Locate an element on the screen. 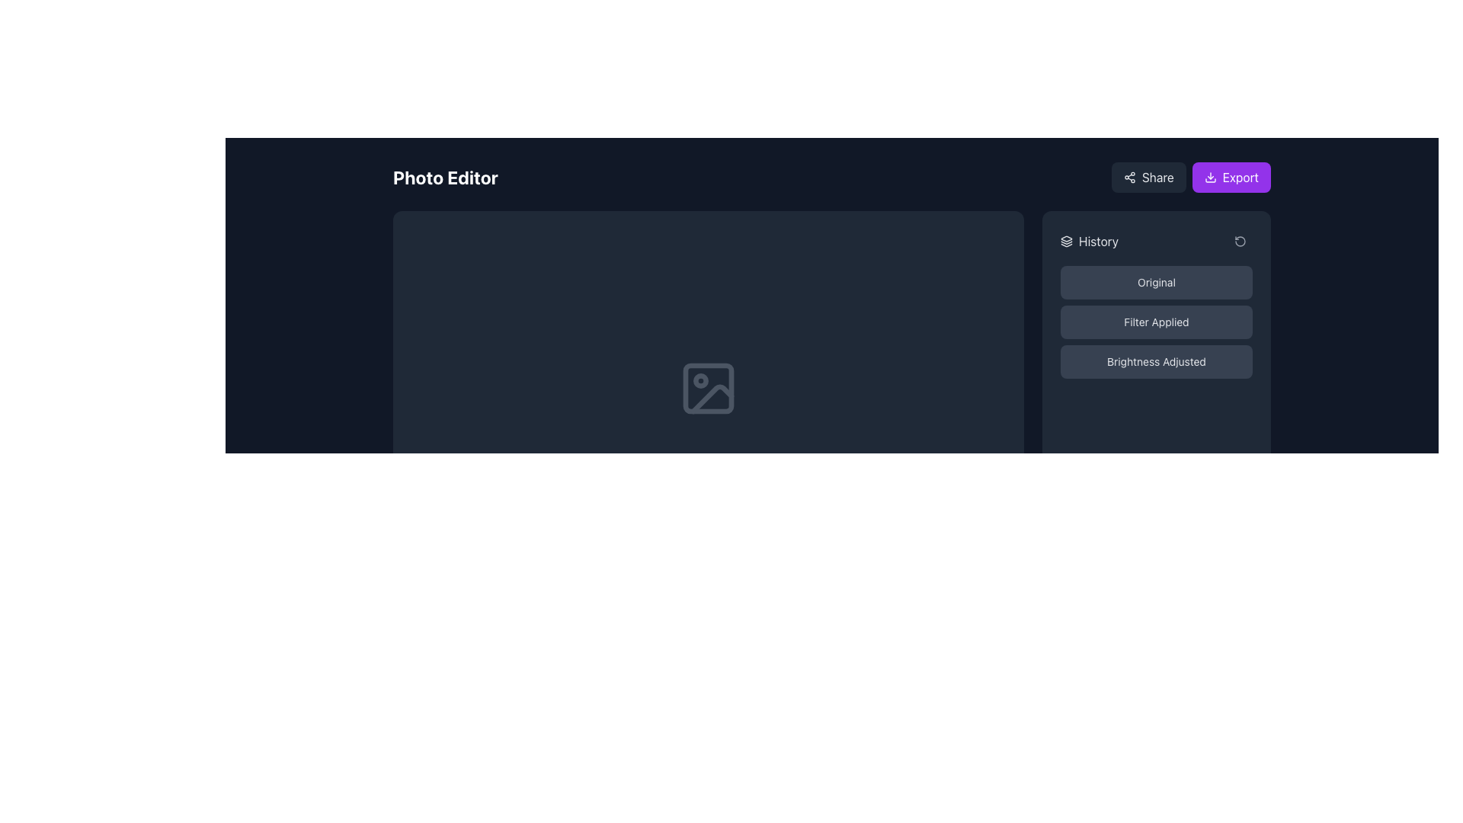 The width and height of the screenshot is (1463, 823). the Text label indicating historical data management located at the top-right corner of the interface for accessibility purposes is located at coordinates (1098, 240).